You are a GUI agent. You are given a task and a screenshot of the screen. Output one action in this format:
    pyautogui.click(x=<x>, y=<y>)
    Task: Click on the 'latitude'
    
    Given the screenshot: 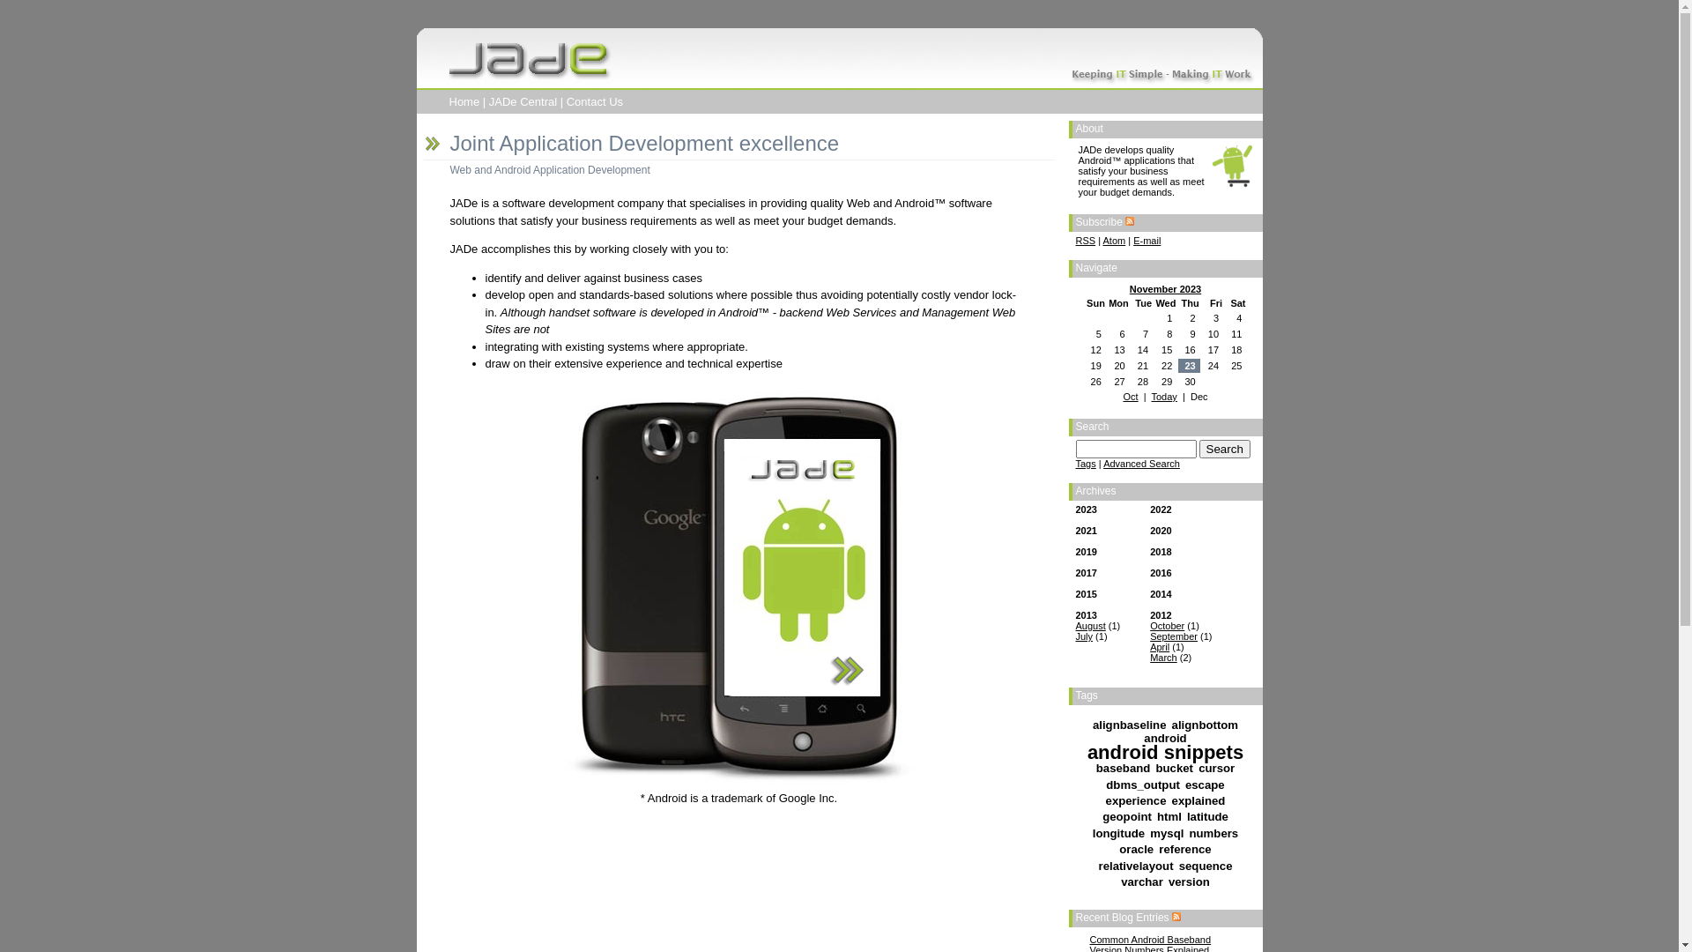 What is the action you would take?
    pyautogui.click(x=1206, y=816)
    